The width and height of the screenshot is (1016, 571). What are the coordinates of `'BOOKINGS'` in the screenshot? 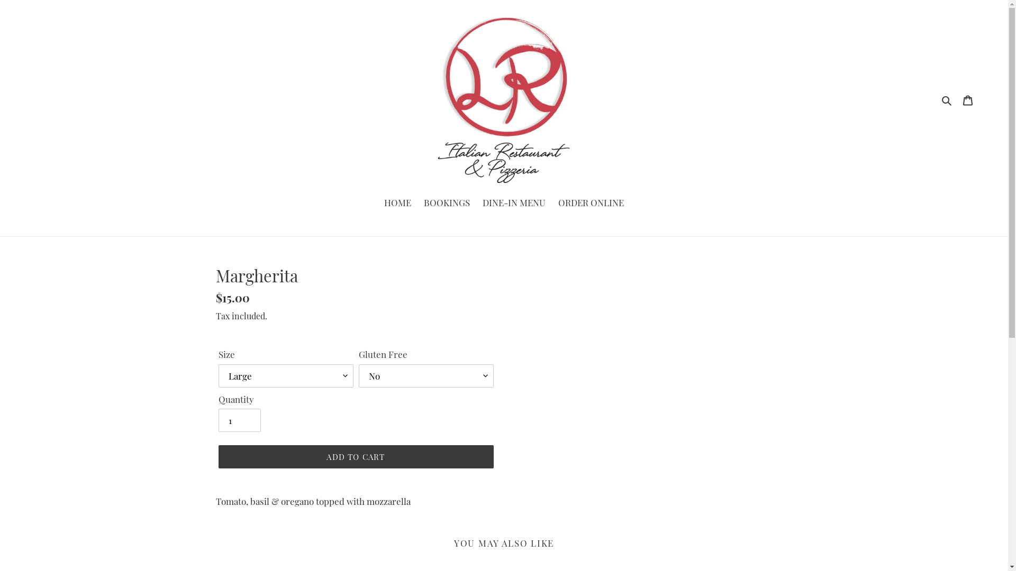 It's located at (447, 204).